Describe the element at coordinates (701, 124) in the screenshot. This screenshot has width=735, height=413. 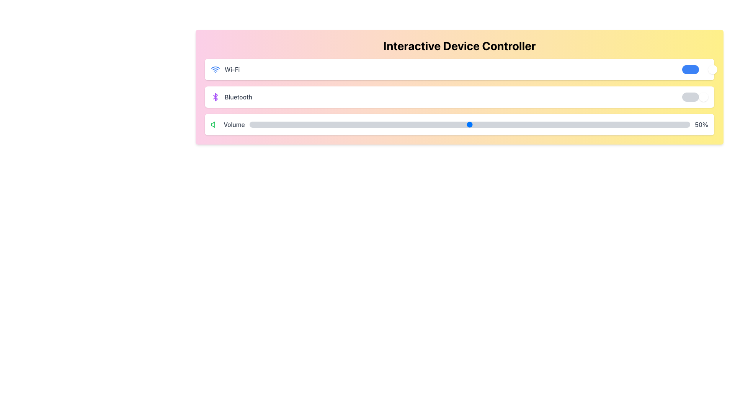
I see `the static label displaying '50%' which is styled in a medium-sized font with gray text color, positioned to the far right of a volume slider` at that location.